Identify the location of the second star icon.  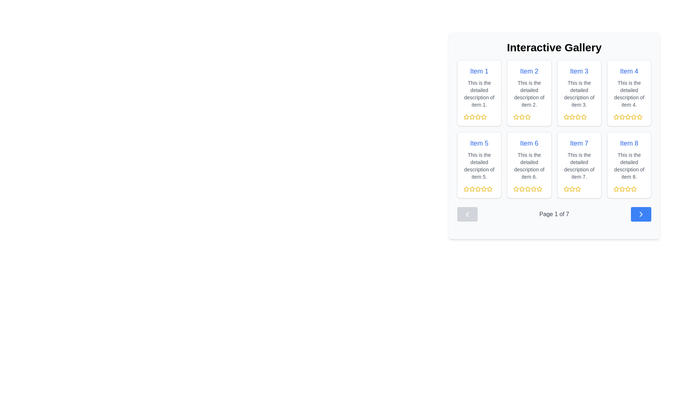
(522, 116).